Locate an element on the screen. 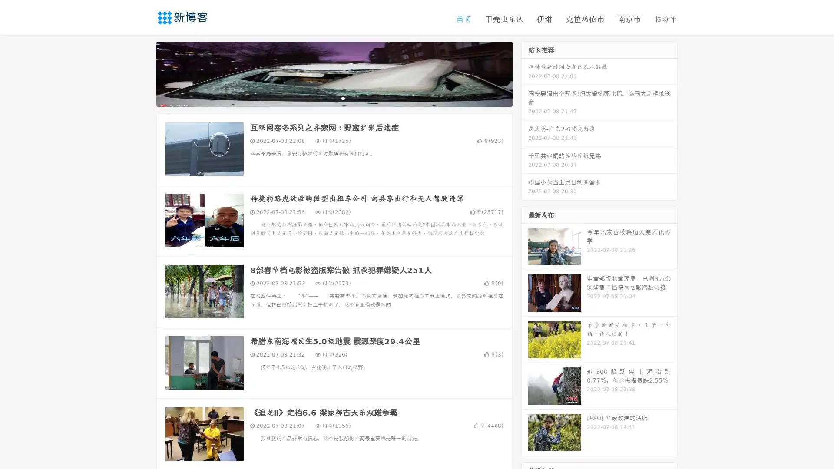 The height and width of the screenshot is (469, 834). Previous slide is located at coordinates (143, 73).